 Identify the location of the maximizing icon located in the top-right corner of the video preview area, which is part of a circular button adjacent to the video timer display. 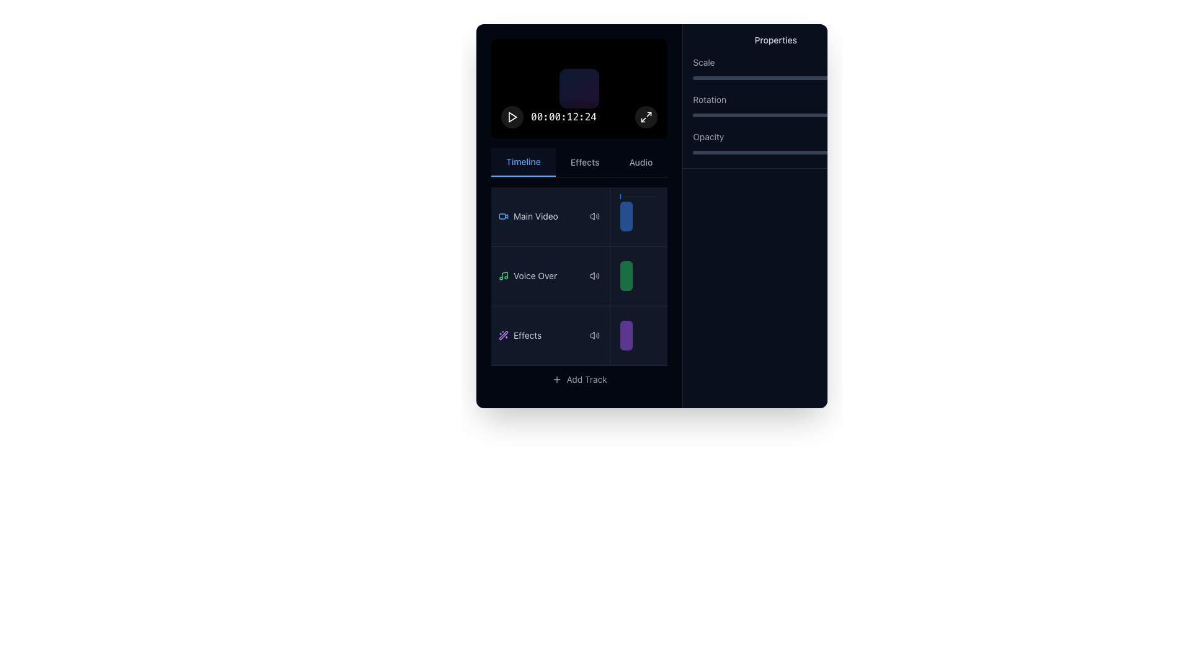
(646, 117).